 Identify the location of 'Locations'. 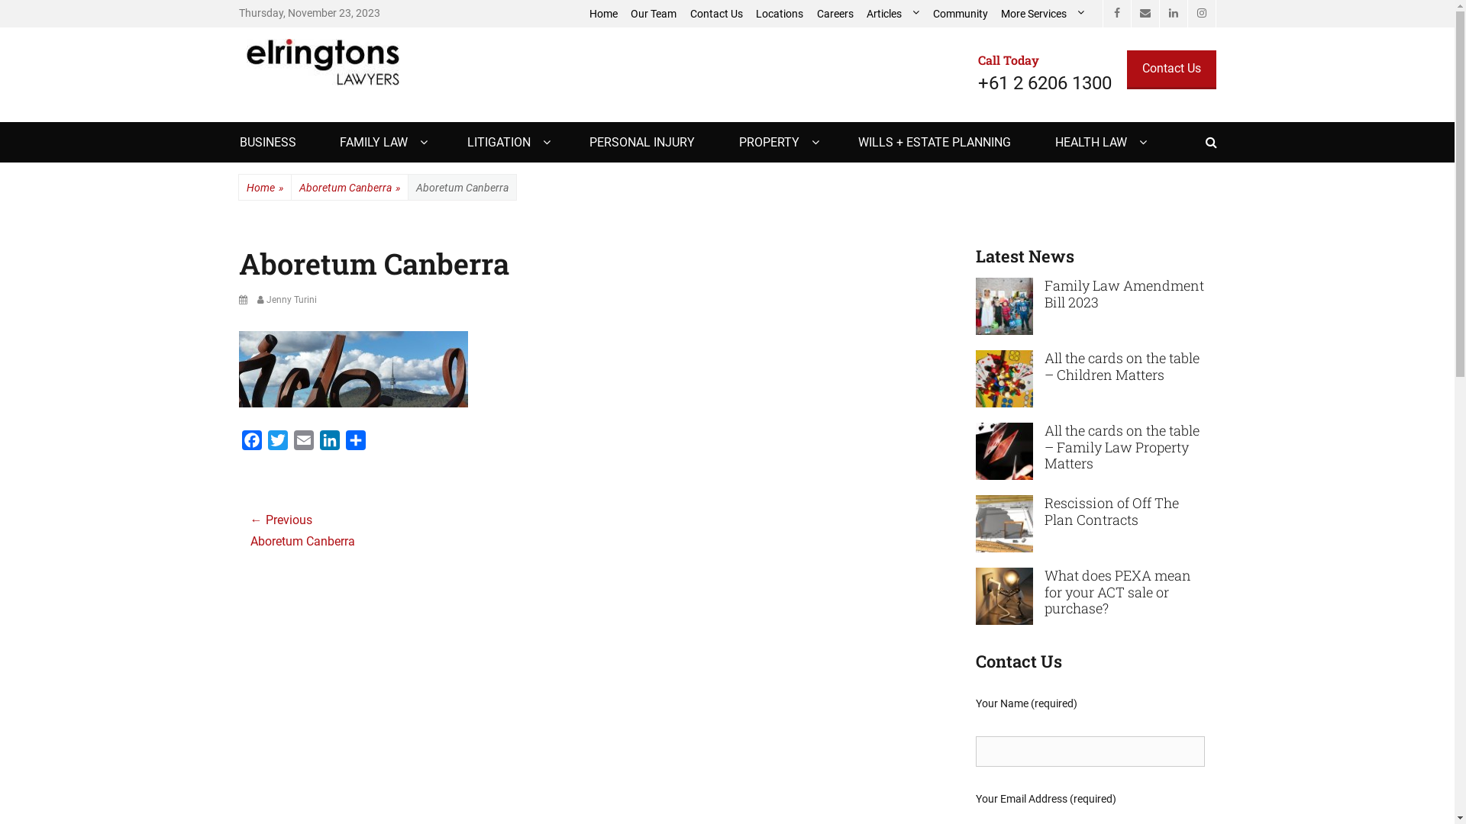
(780, 14).